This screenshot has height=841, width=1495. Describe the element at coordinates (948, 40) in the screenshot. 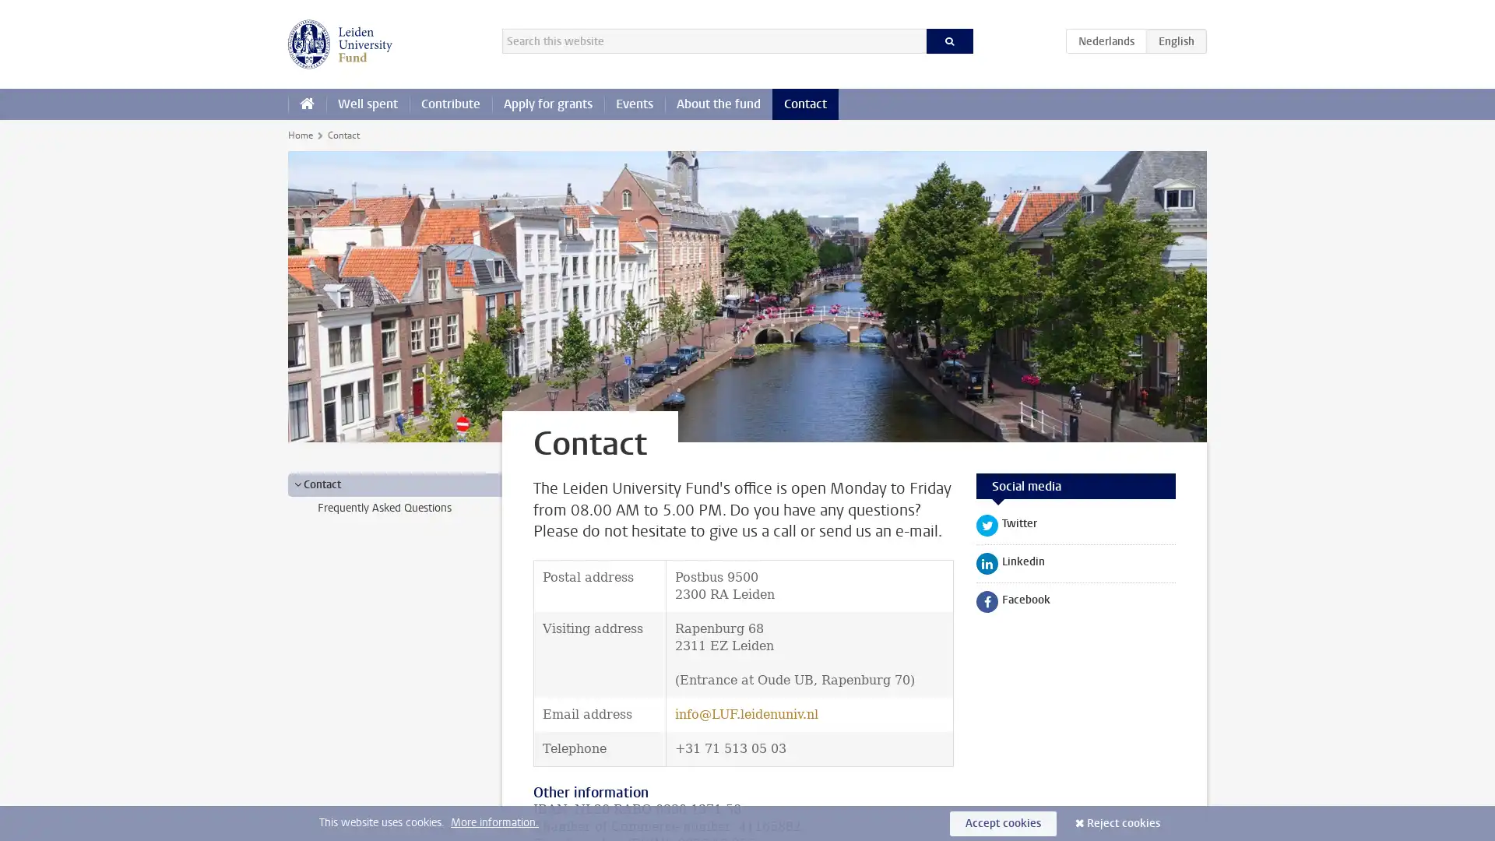

I see `Search` at that location.